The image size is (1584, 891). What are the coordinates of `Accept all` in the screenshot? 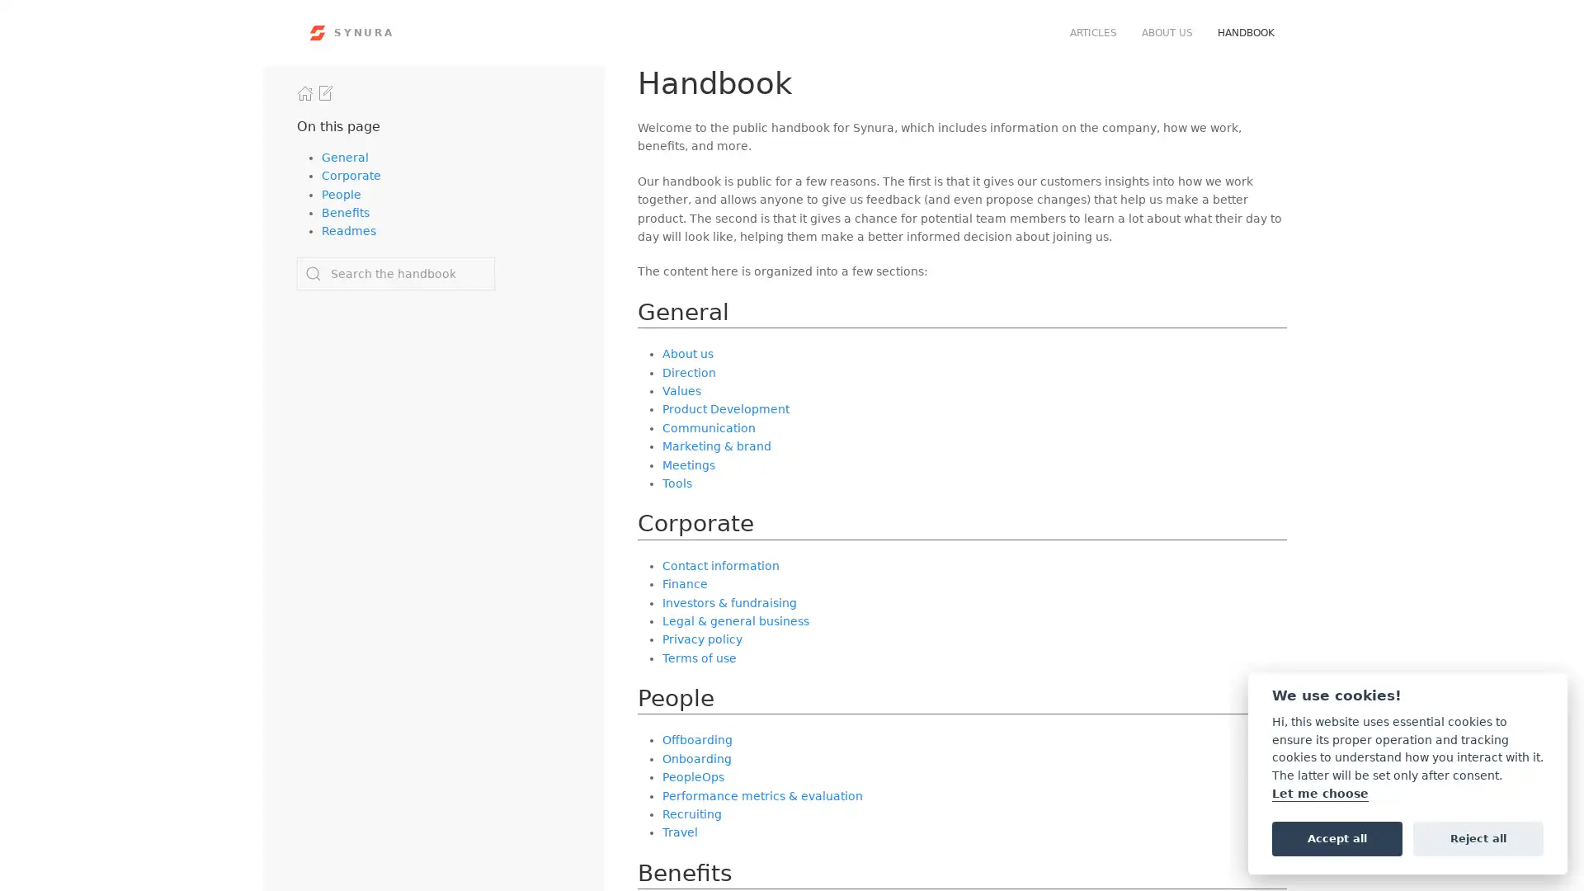 It's located at (1336, 837).